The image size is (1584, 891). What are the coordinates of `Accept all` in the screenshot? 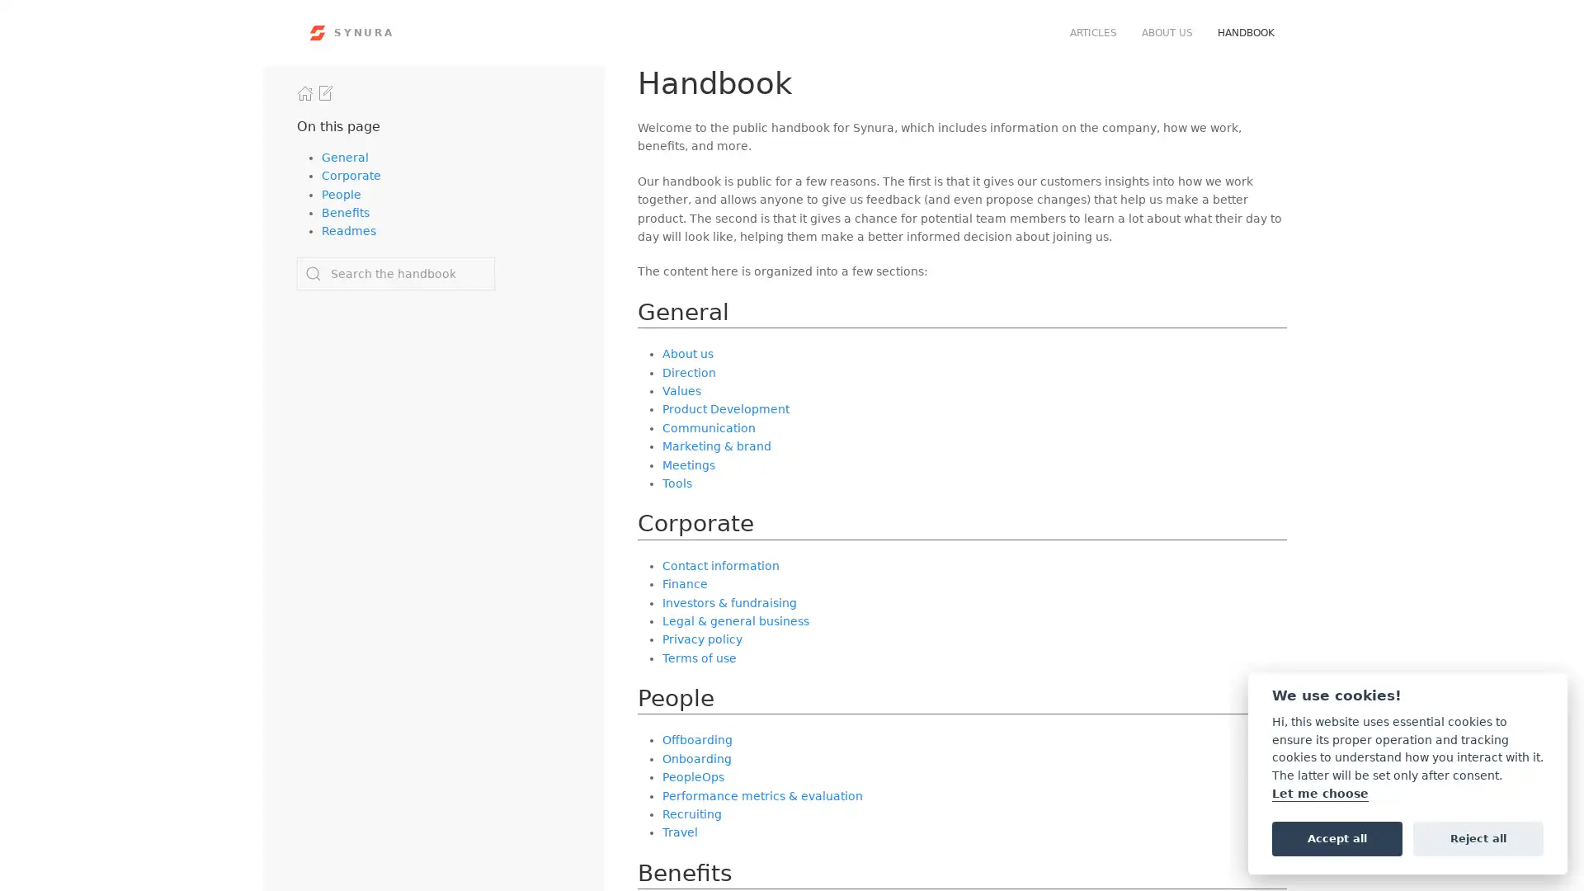 It's located at (1336, 837).